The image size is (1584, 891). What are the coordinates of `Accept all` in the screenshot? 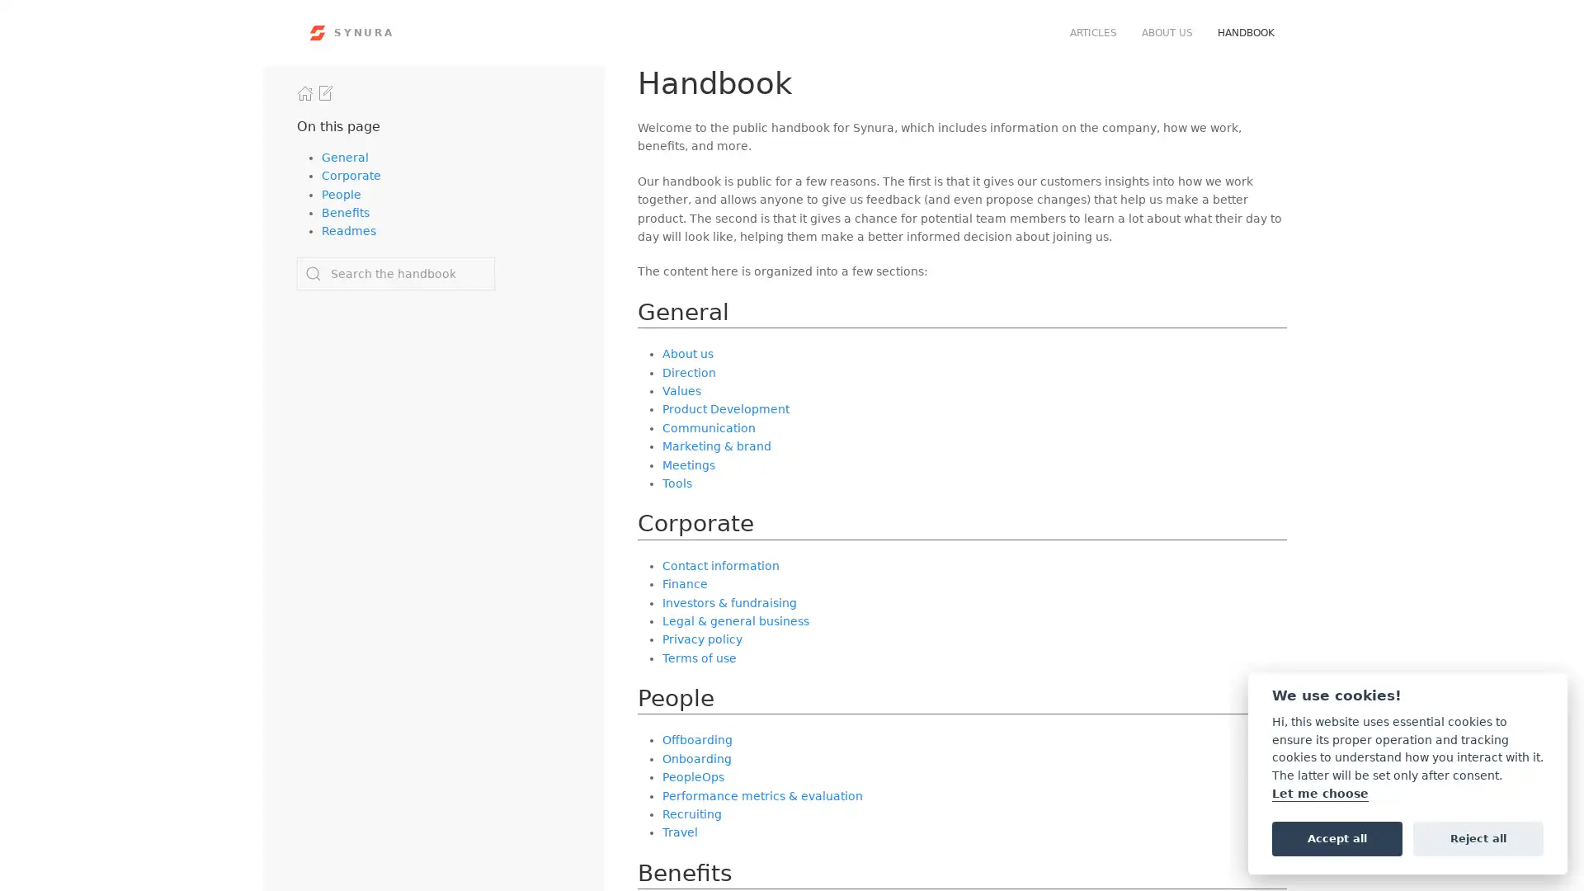 It's located at (1336, 837).